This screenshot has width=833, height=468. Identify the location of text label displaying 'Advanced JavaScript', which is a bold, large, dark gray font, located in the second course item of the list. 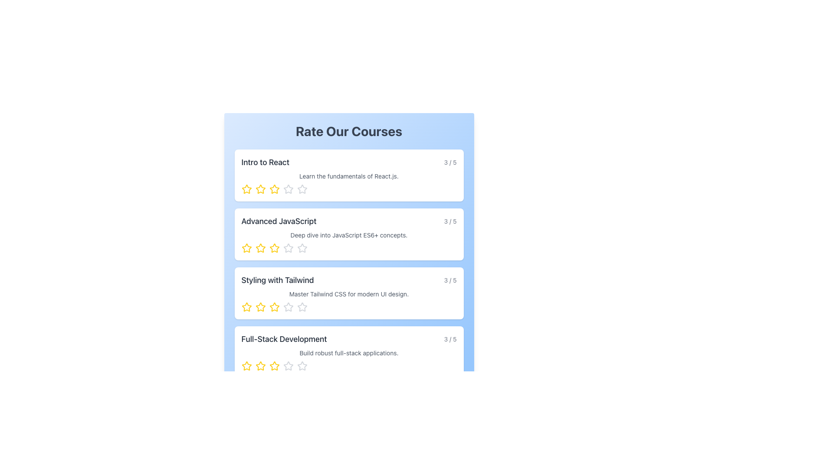
(279, 221).